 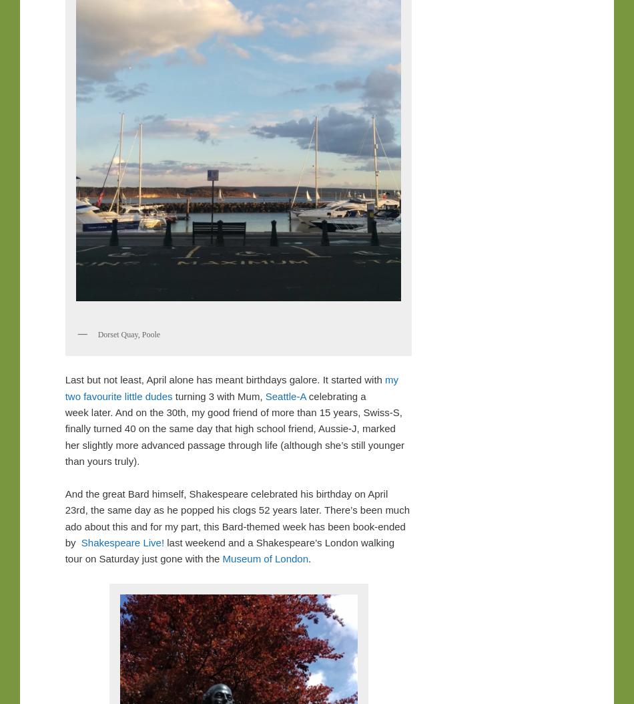 I want to click on 'Museum of London', so click(x=264, y=558).